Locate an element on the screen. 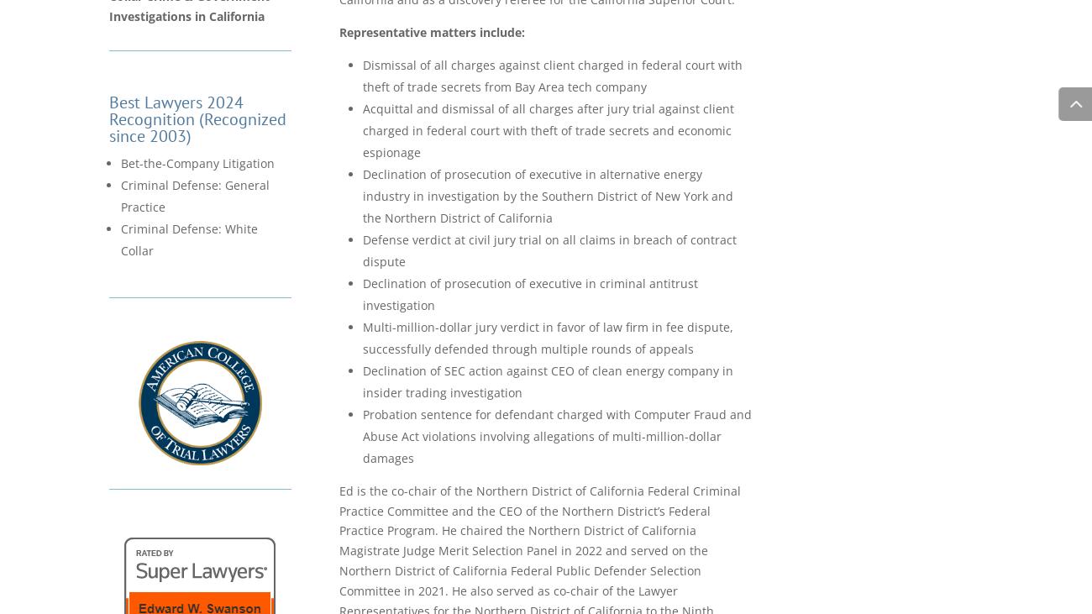 The image size is (1092, 614). 'Declination of SEC action against CEO of clean energy company in insider trading investigation' is located at coordinates (547, 380).